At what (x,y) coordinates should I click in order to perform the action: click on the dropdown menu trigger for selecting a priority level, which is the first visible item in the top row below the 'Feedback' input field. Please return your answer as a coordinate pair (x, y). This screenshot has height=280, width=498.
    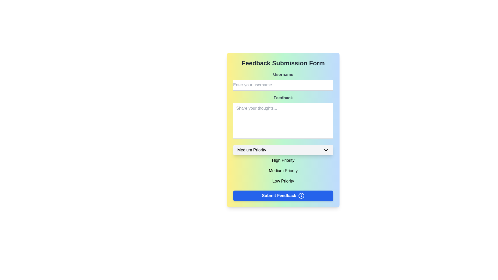
    Looking at the image, I should click on (283, 150).